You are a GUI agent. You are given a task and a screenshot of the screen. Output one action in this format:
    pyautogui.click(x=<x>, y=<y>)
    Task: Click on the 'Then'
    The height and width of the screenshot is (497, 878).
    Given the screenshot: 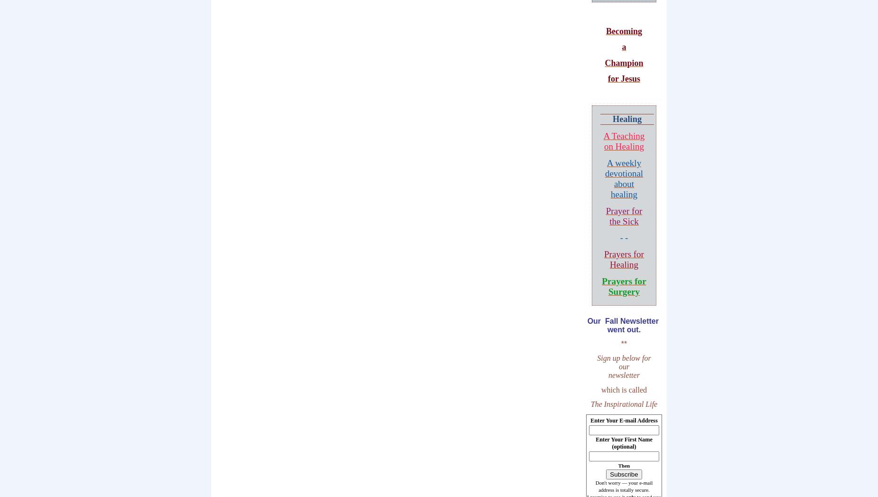 What is the action you would take?
    pyautogui.click(x=623, y=465)
    